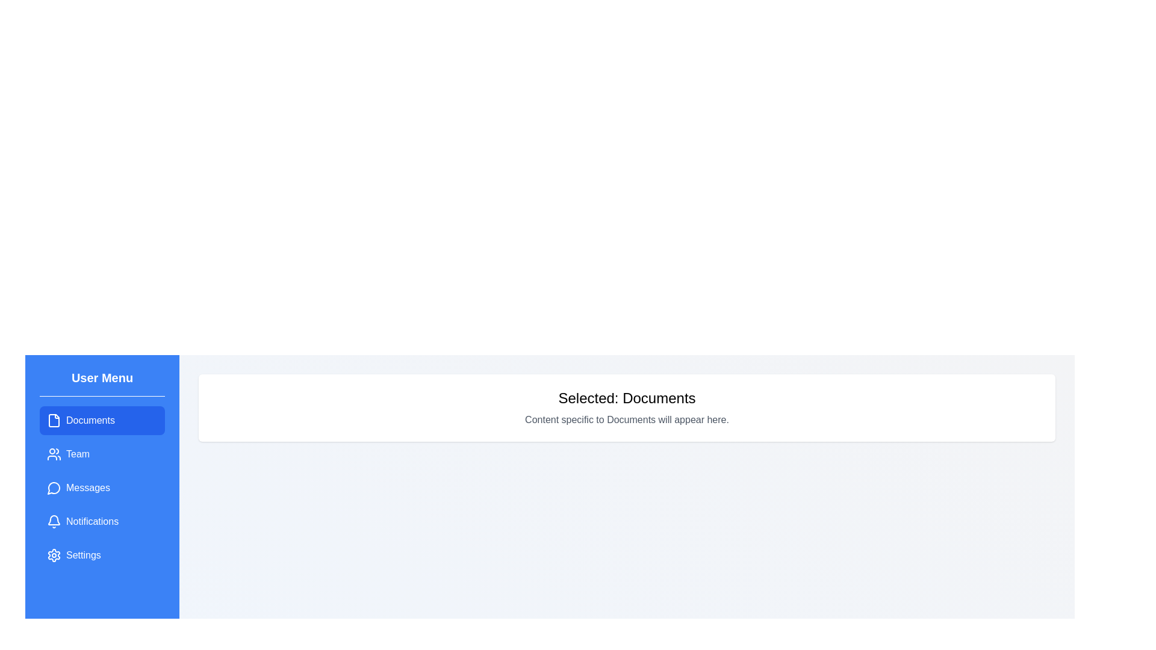 This screenshot has height=650, width=1156. What do you see at coordinates (102, 419) in the screenshot?
I see `the menu item labeled 'Documents' to observe its hover effect` at bounding box center [102, 419].